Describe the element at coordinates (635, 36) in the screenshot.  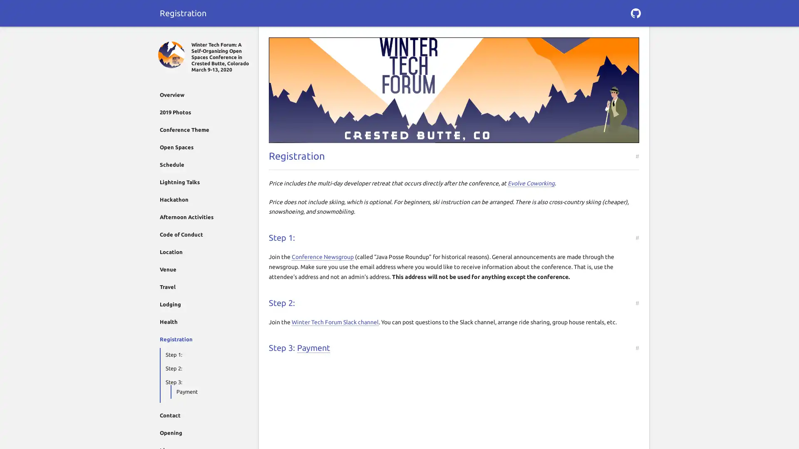
I see `Search` at that location.